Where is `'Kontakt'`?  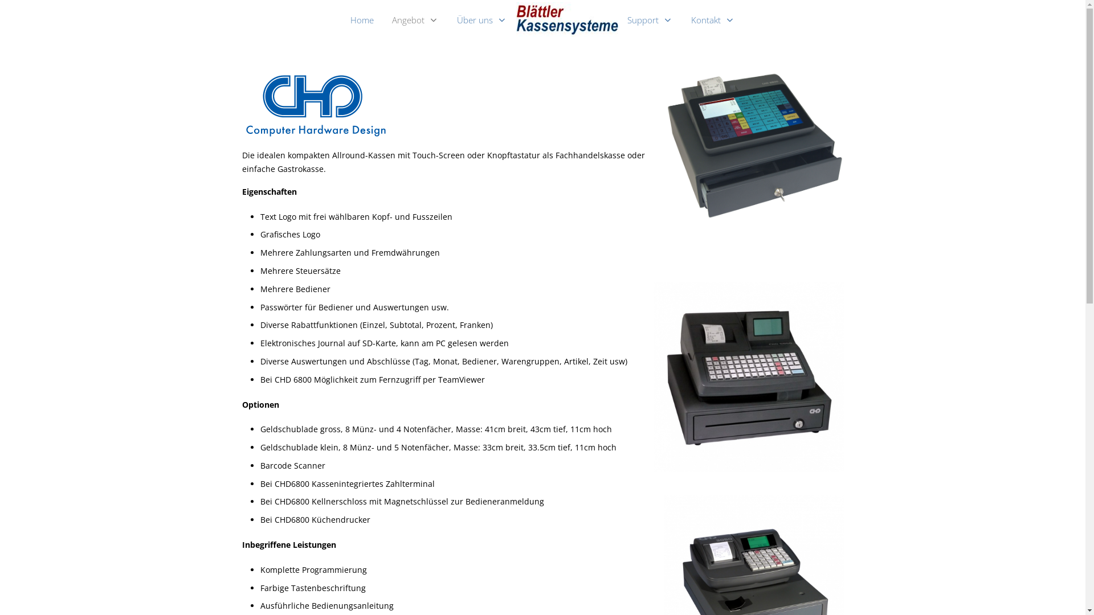 'Kontakt' is located at coordinates (712, 19).